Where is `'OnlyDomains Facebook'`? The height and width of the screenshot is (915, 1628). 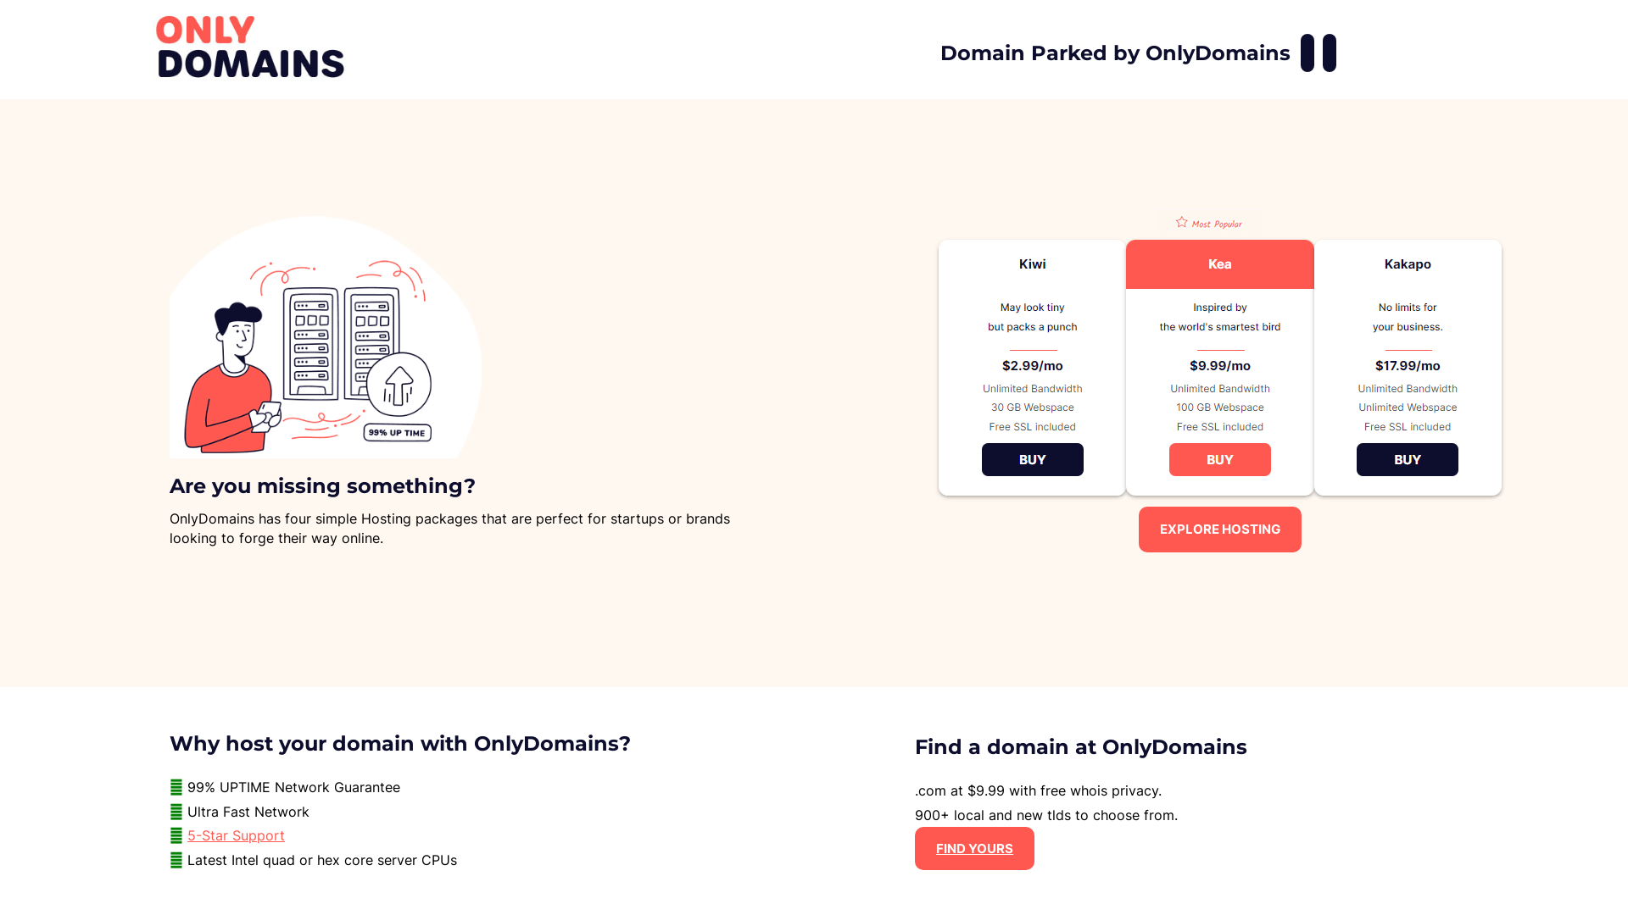
'OnlyDomains Facebook' is located at coordinates (1296, 52).